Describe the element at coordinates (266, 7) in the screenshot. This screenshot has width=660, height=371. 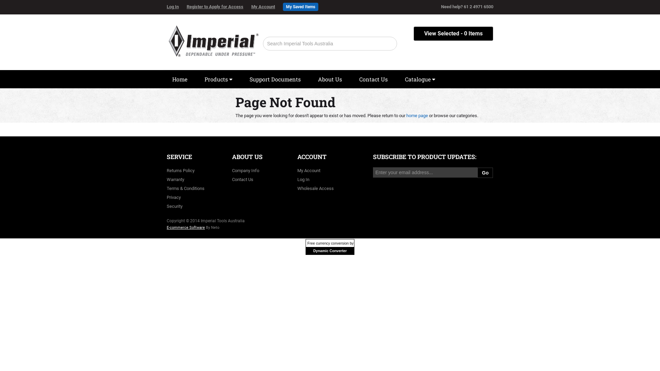
I see `'My Account'` at that location.